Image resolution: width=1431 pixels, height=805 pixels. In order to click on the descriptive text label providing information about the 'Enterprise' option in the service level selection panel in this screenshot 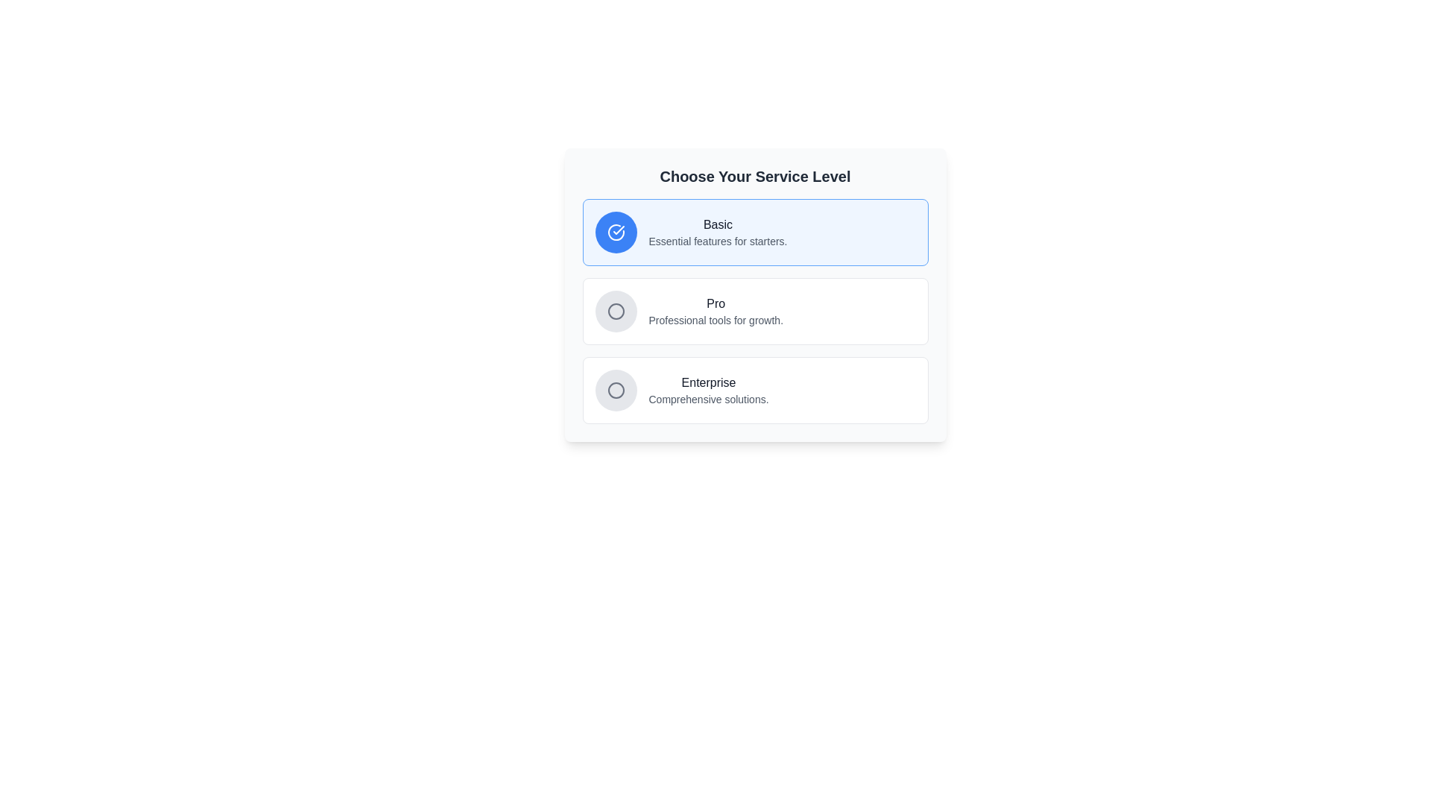, I will do `click(707, 399)`.